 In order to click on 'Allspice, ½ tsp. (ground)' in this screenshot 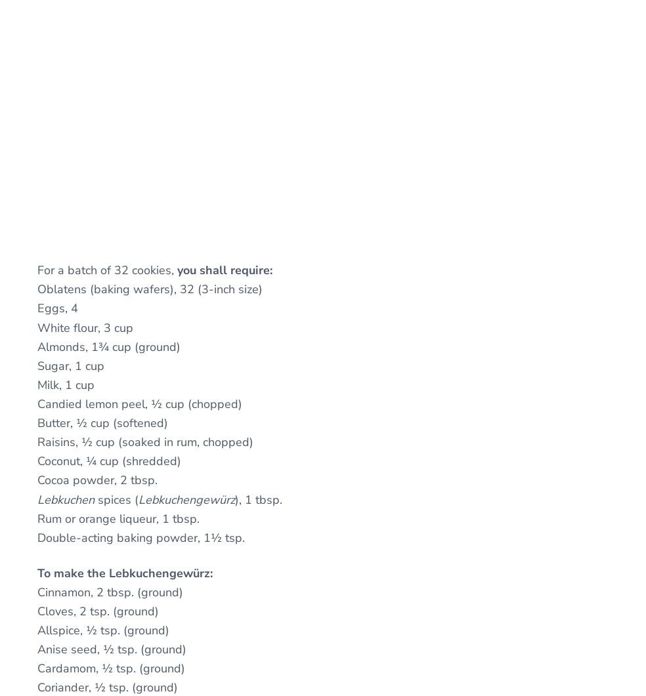, I will do `click(103, 629)`.